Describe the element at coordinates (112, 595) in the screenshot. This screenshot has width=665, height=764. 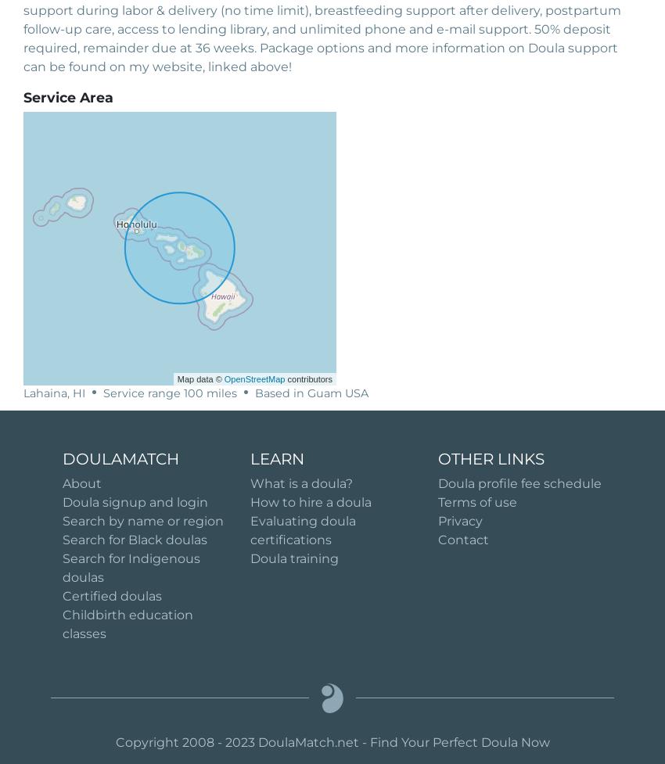
I see `'Certified doulas'` at that location.